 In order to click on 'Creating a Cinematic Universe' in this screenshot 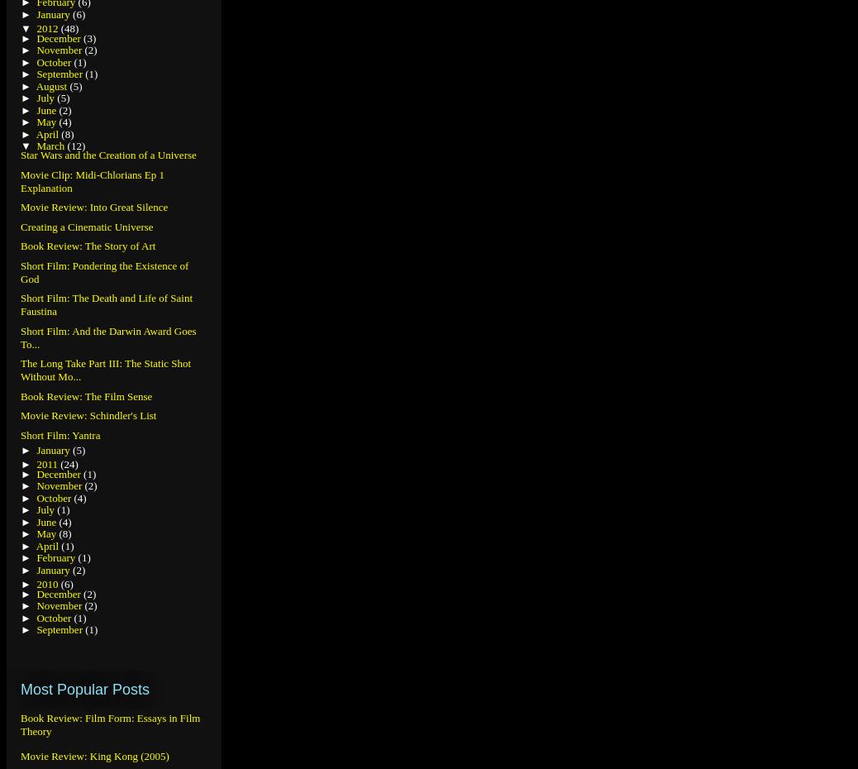, I will do `click(86, 226)`.